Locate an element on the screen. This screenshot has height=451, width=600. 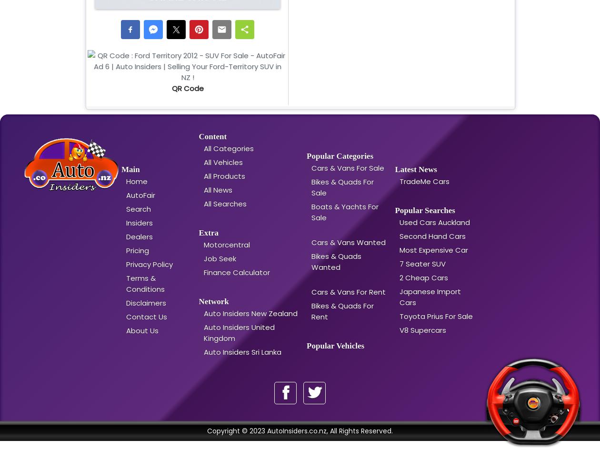
'Home' is located at coordinates (137, 181).